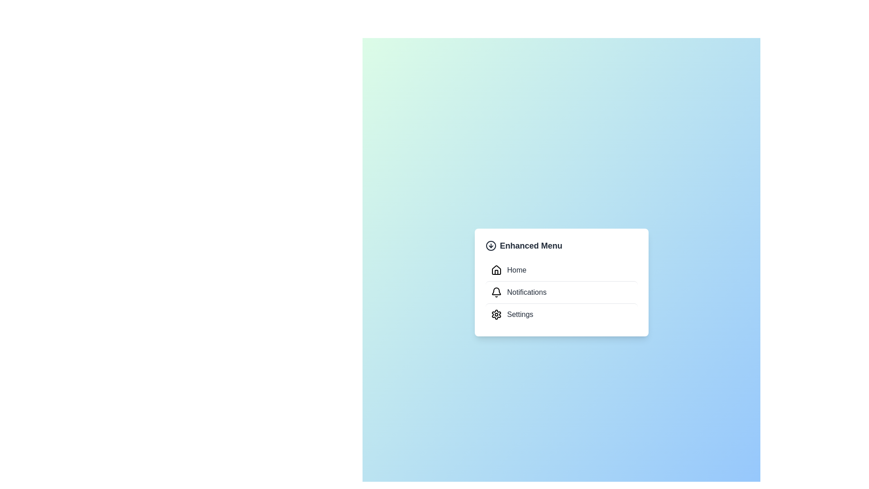 The width and height of the screenshot is (869, 489). What do you see at coordinates (561, 314) in the screenshot?
I see `the menu item Settings to preview its interaction` at bounding box center [561, 314].